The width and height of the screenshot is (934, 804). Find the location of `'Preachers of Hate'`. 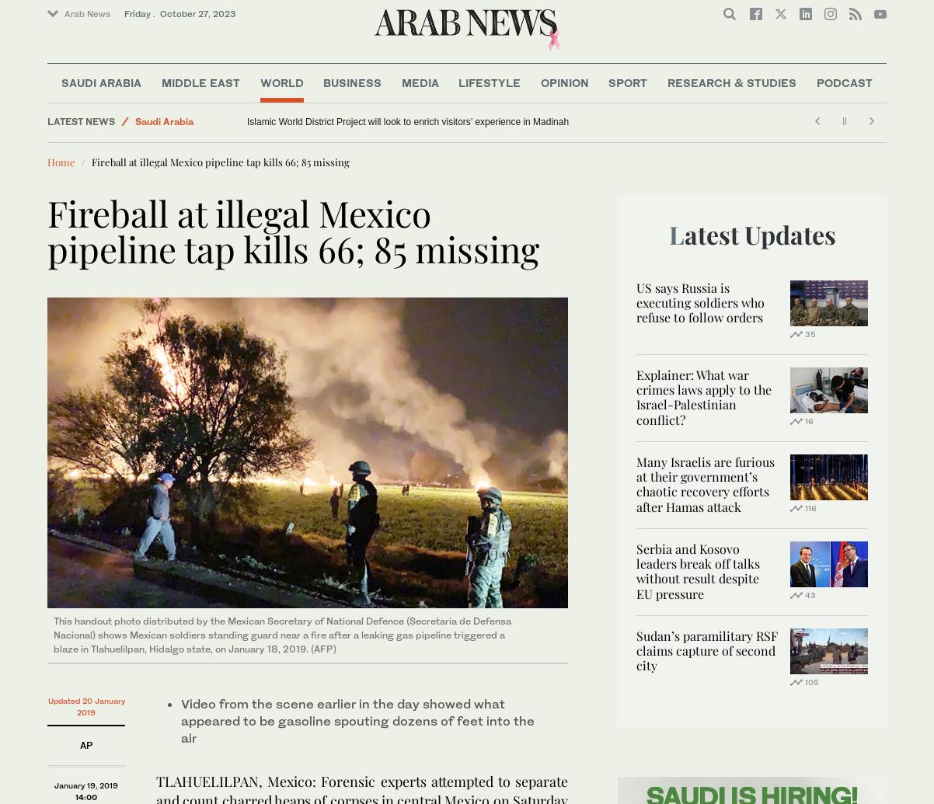

'Preachers of Hate' is located at coordinates (818, 118).